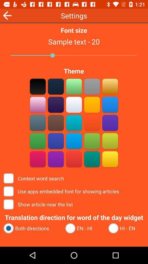 This screenshot has height=264, width=148. What do you see at coordinates (62, 191) in the screenshot?
I see `the item below context word search item` at bounding box center [62, 191].